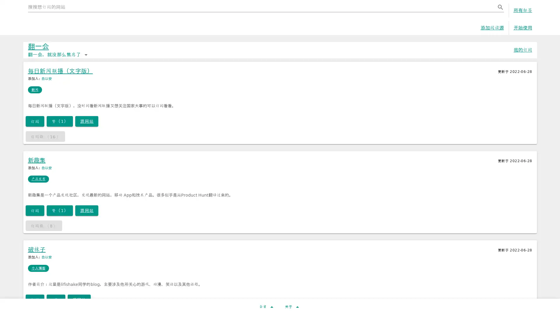 This screenshot has width=560, height=315. I want to click on (8), so click(43, 228).